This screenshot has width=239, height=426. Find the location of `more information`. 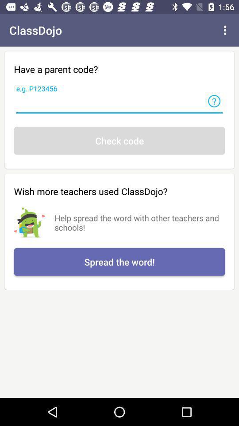

more information is located at coordinates (214, 101).